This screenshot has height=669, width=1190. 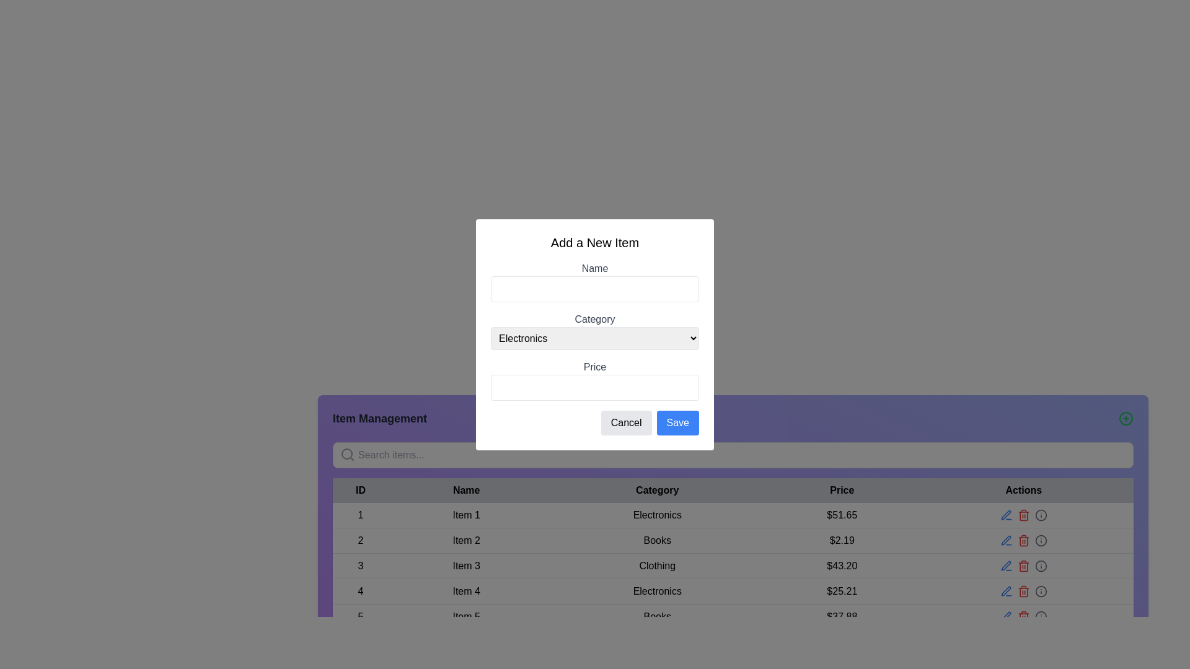 I want to click on an option from the dropdown menu labeled 'Category' located in the 'Add a New Item' modal dialog box, positioned centrally below the label 'Category', so click(x=595, y=338).